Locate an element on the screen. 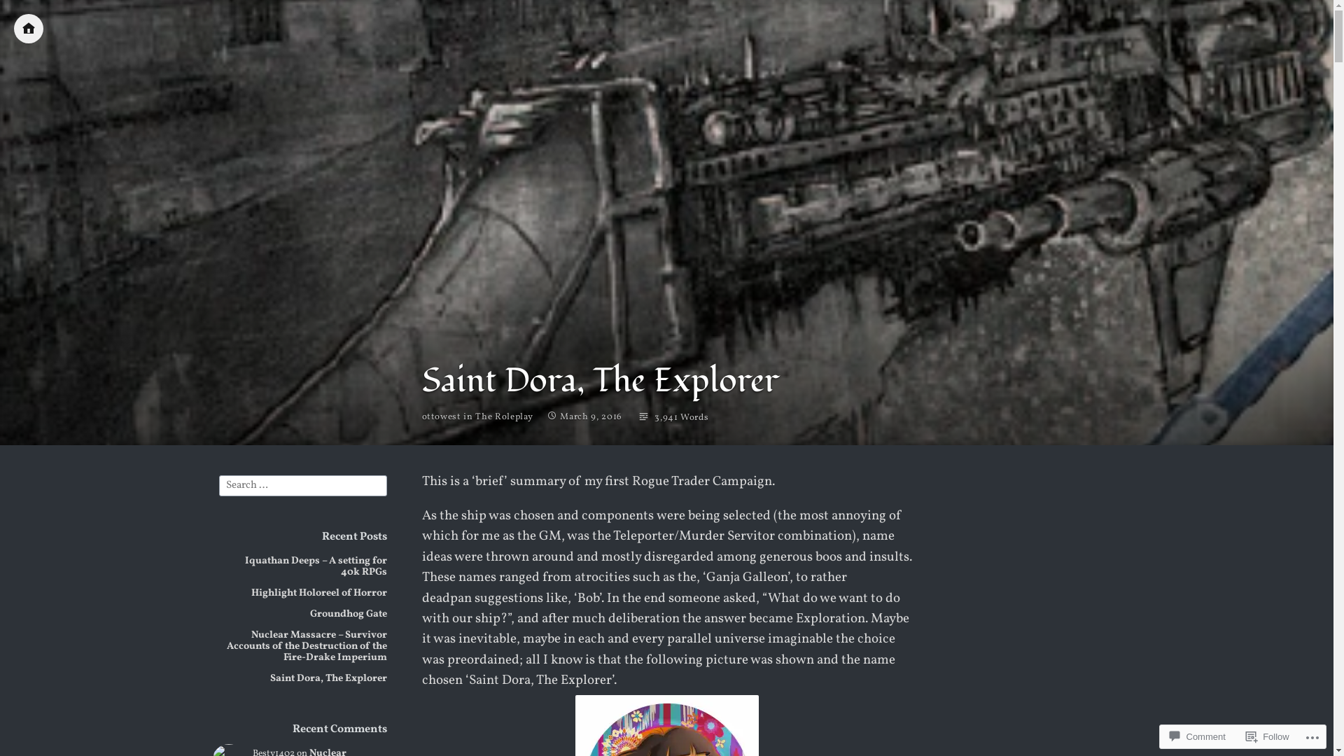 The image size is (1344, 756). 'Highlight Holoreel of Horror' is located at coordinates (318, 593).